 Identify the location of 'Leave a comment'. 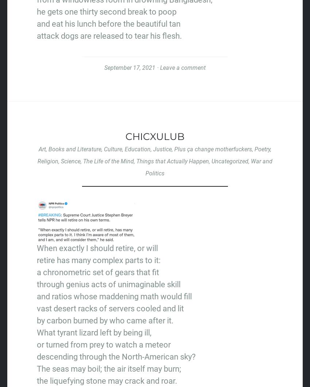
(183, 67).